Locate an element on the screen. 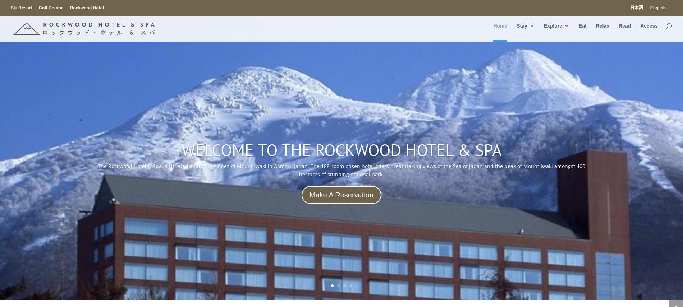  'The Rockwood Hotel & Spa is situated along the slopes of Mount Iwaki in Aomori, Japan. The 188-room onsen hotel offers breathtaking views of the Sea of Japan and the peak of Mount Iwaki amongst 400 hectares of stunning national park.' is located at coordinates (97, 170).